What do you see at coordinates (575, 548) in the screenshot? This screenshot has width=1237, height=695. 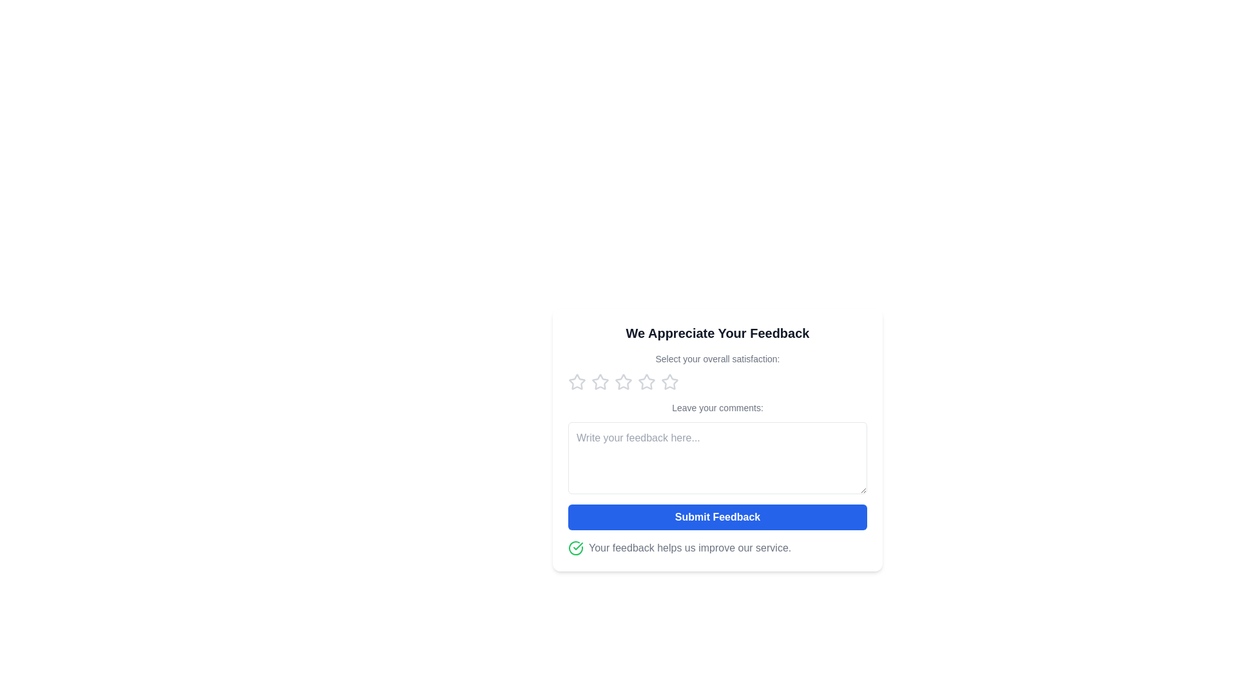 I see `the circular icon with a green checkmark indicating success, located at the bottom-left corner of the card interface, preceding the text 'Your feedback helps us improve our service.'` at bounding box center [575, 548].